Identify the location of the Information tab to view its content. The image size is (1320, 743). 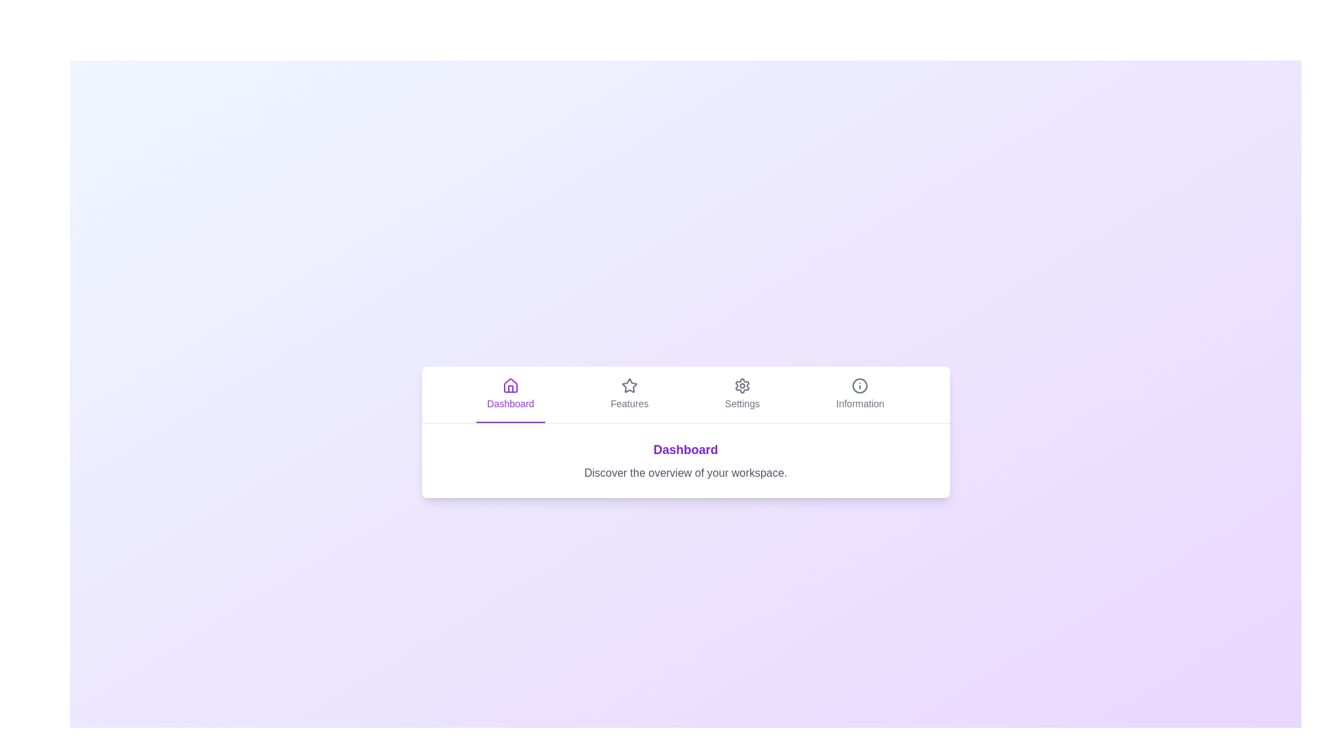
(859, 394).